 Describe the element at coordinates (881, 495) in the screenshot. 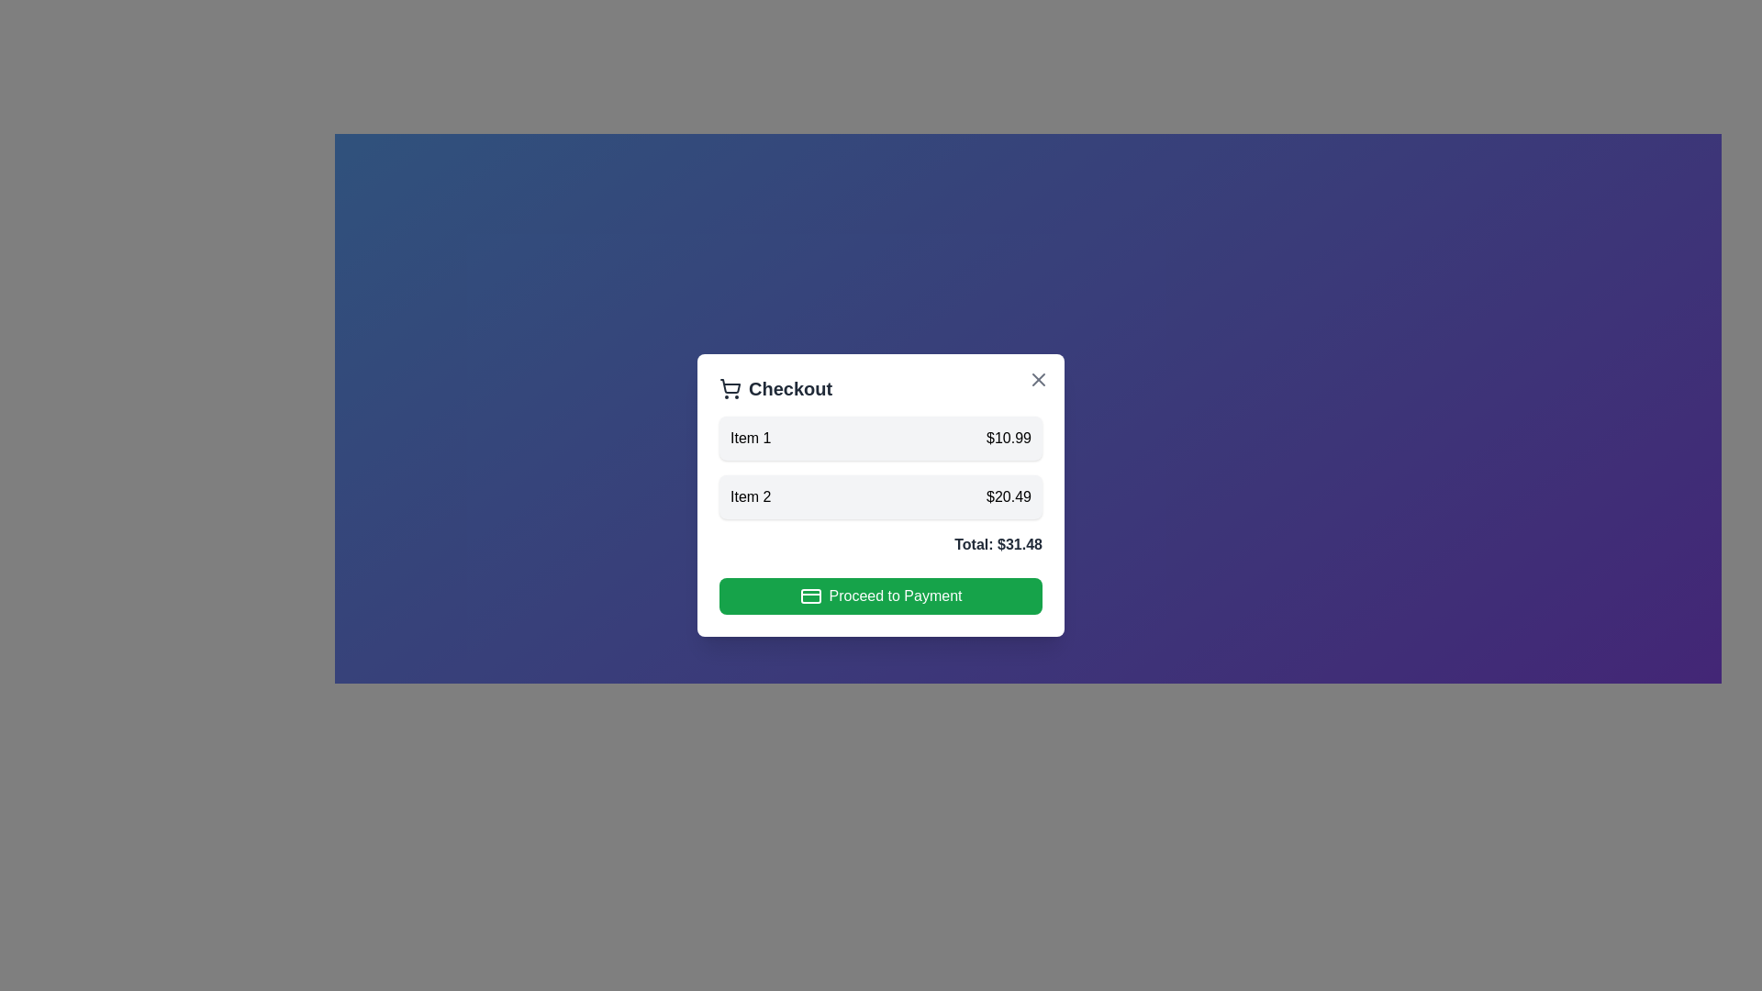

I see `the second informational card in the checkout modal` at that location.